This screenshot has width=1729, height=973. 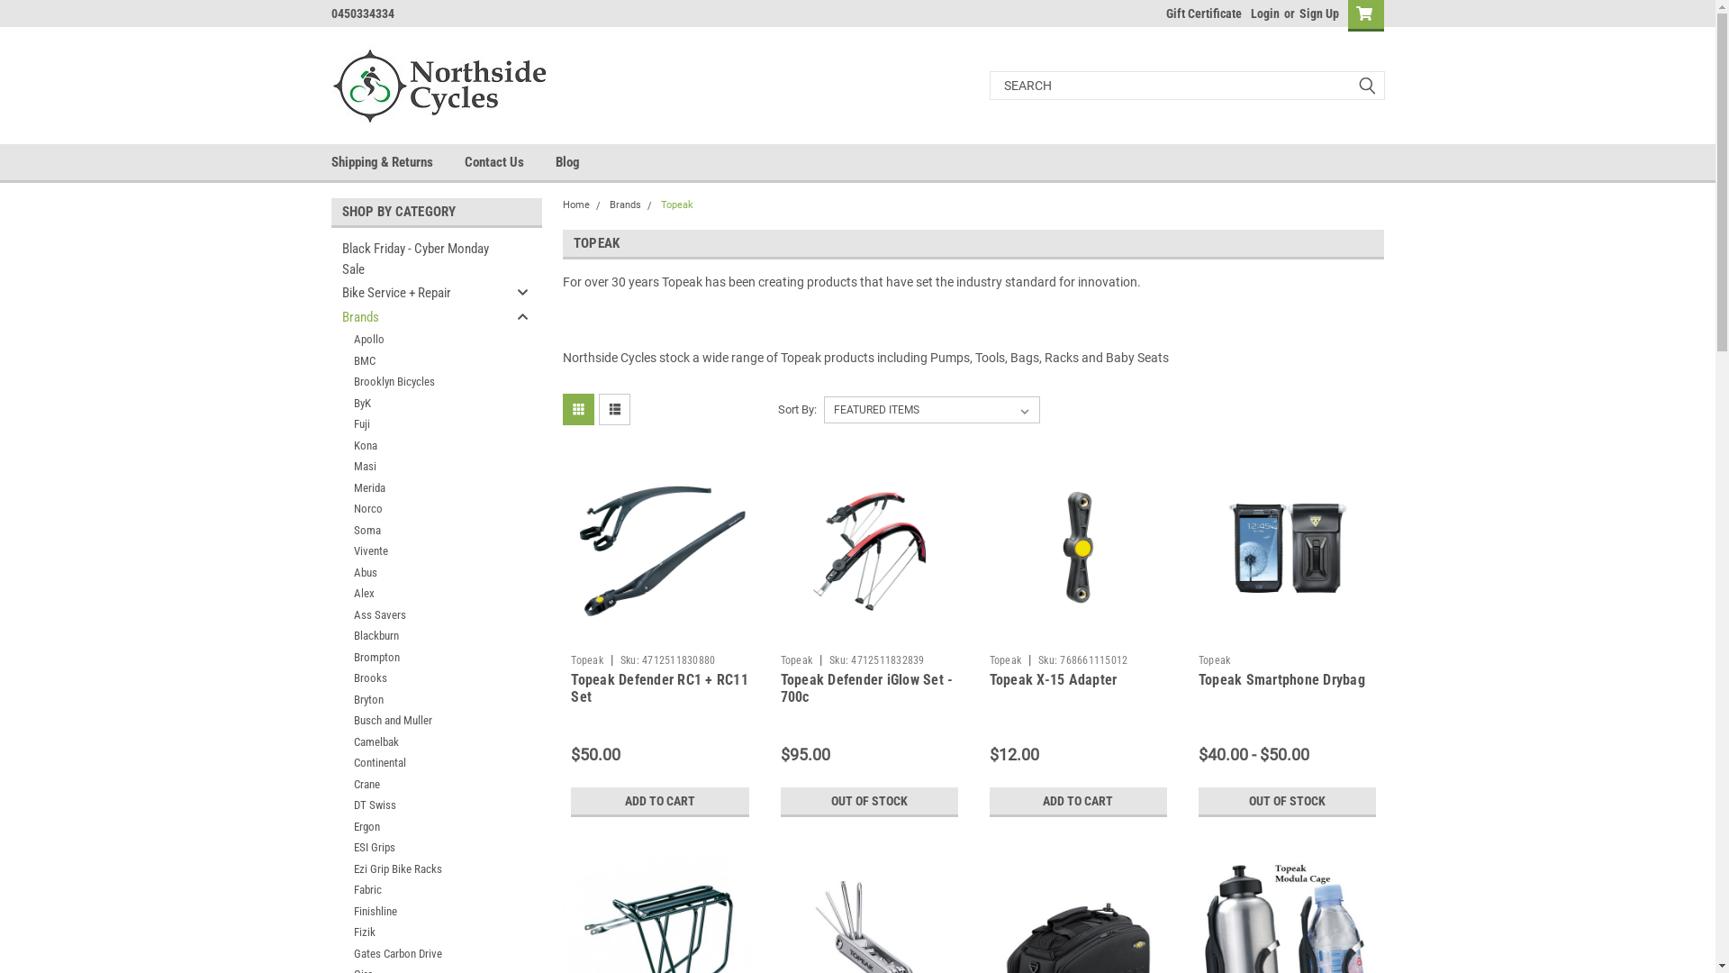 What do you see at coordinates (420, 677) in the screenshot?
I see `'Brooks'` at bounding box center [420, 677].